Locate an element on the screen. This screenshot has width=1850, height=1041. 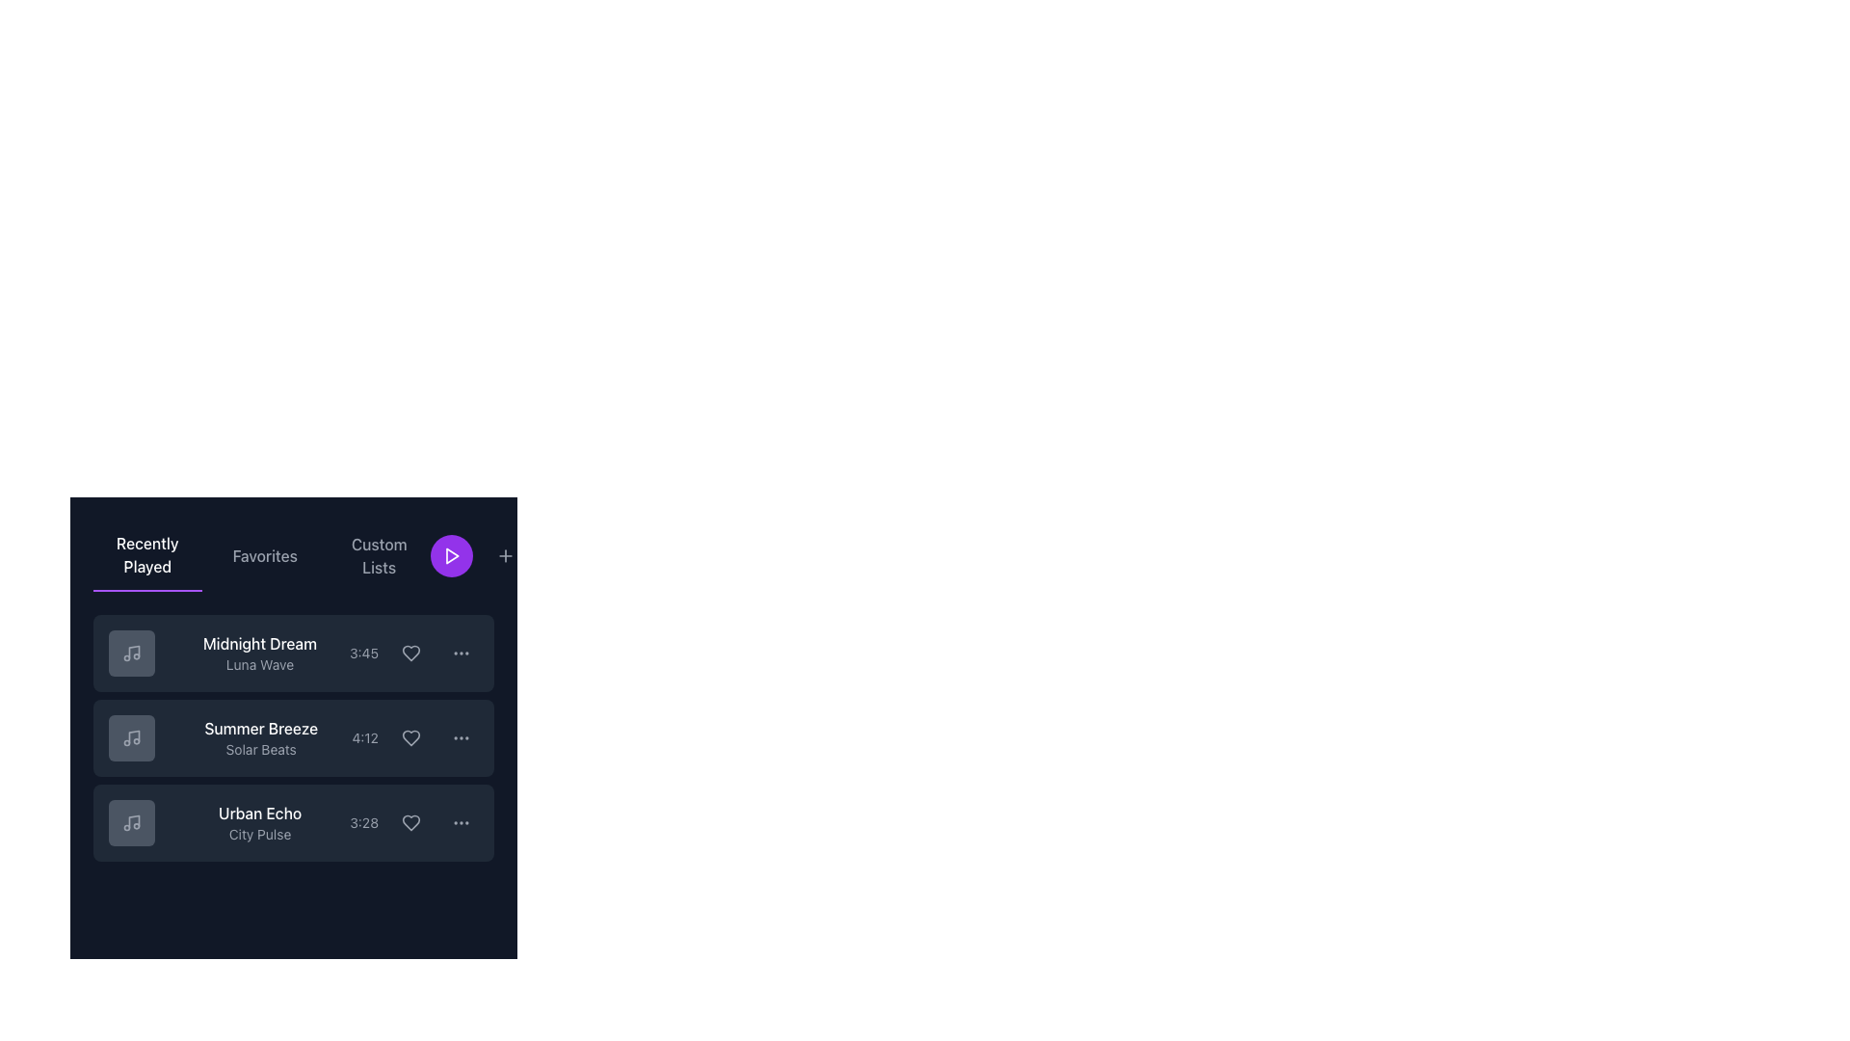
the Icon button with a dark gray background and a light gray music note icon, located at the top left corner of the 'Midnight Dream' entry in the 'Recently Played' list is located at coordinates (131, 653).